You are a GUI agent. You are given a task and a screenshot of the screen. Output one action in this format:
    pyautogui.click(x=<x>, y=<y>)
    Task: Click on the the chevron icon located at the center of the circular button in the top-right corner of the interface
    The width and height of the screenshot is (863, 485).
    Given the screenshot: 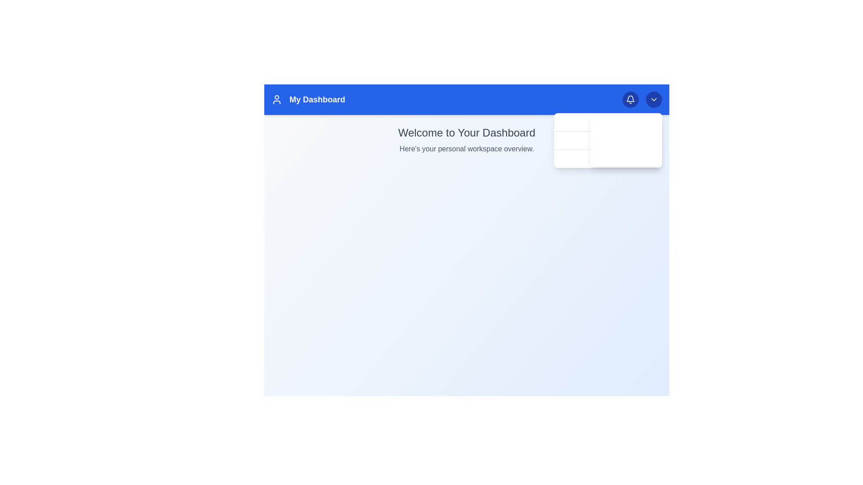 What is the action you would take?
    pyautogui.click(x=654, y=100)
    